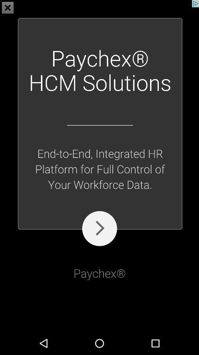 This screenshot has height=355, width=199. Describe the element at coordinates (7, 8) in the screenshot. I see `the close icon` at that location.